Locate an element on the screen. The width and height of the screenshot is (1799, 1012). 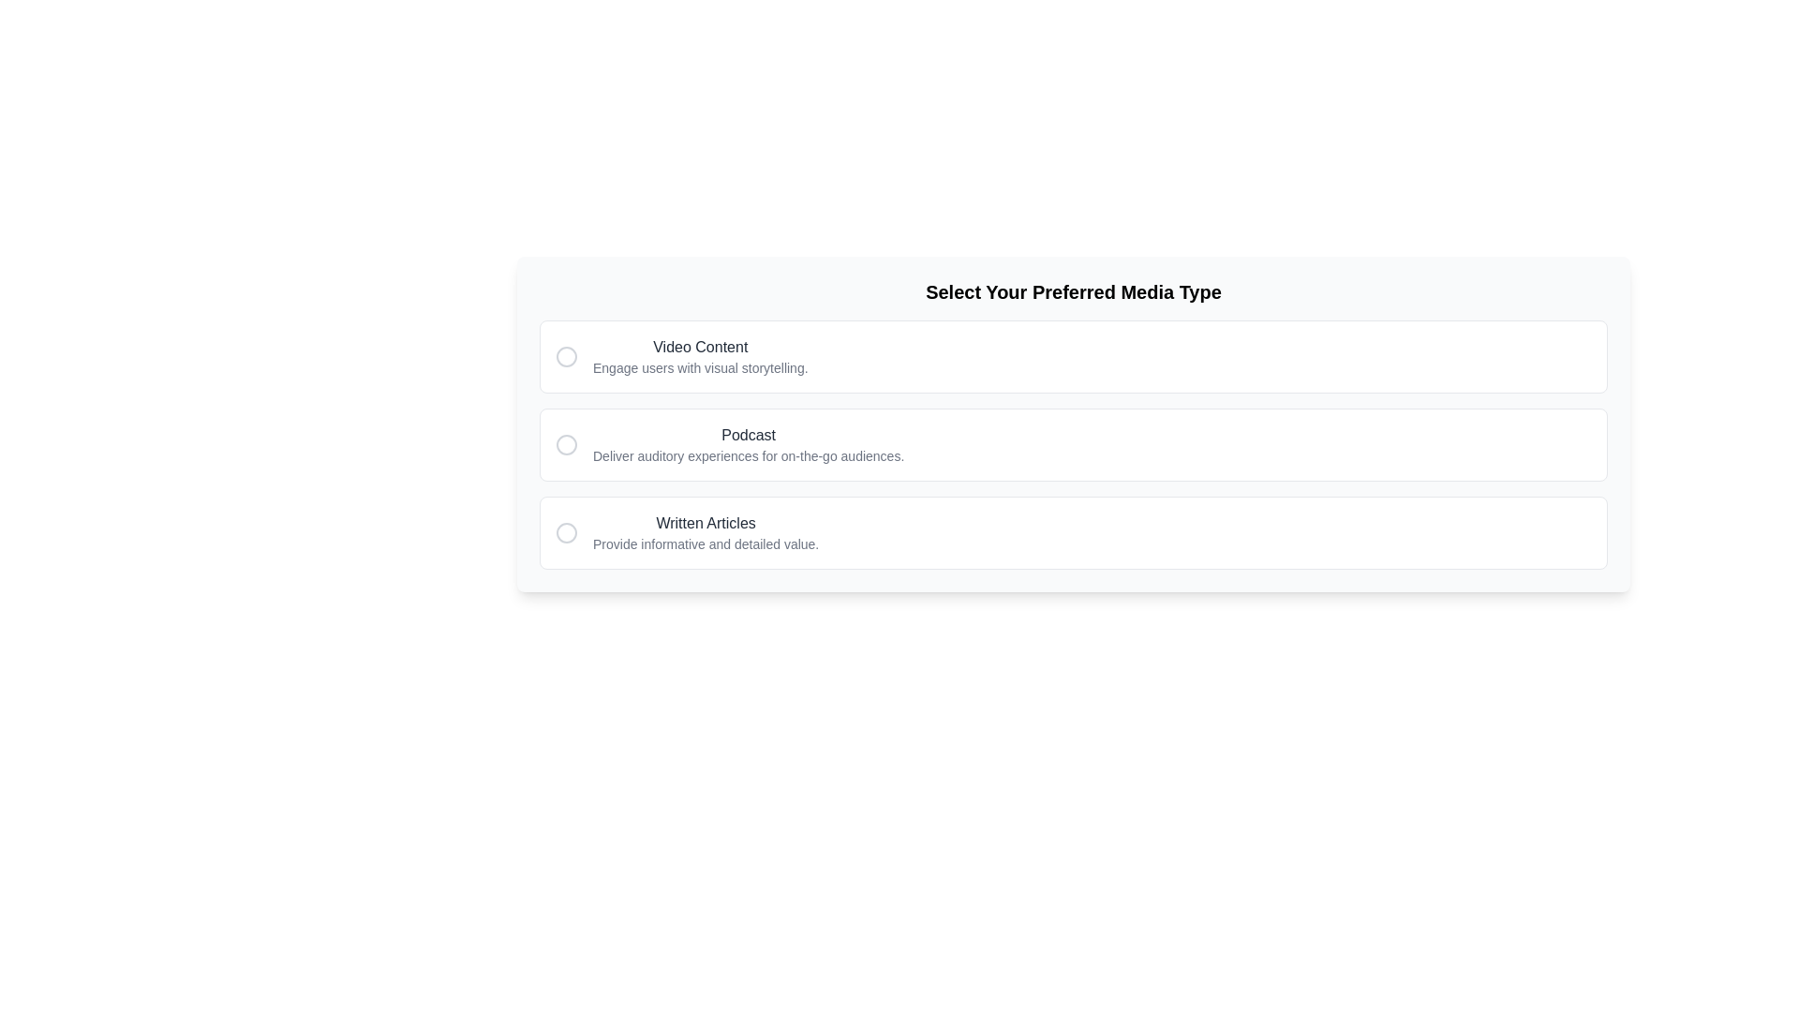
the informational text block about the 'Podcast' media type is located at coordinates (748, 444).